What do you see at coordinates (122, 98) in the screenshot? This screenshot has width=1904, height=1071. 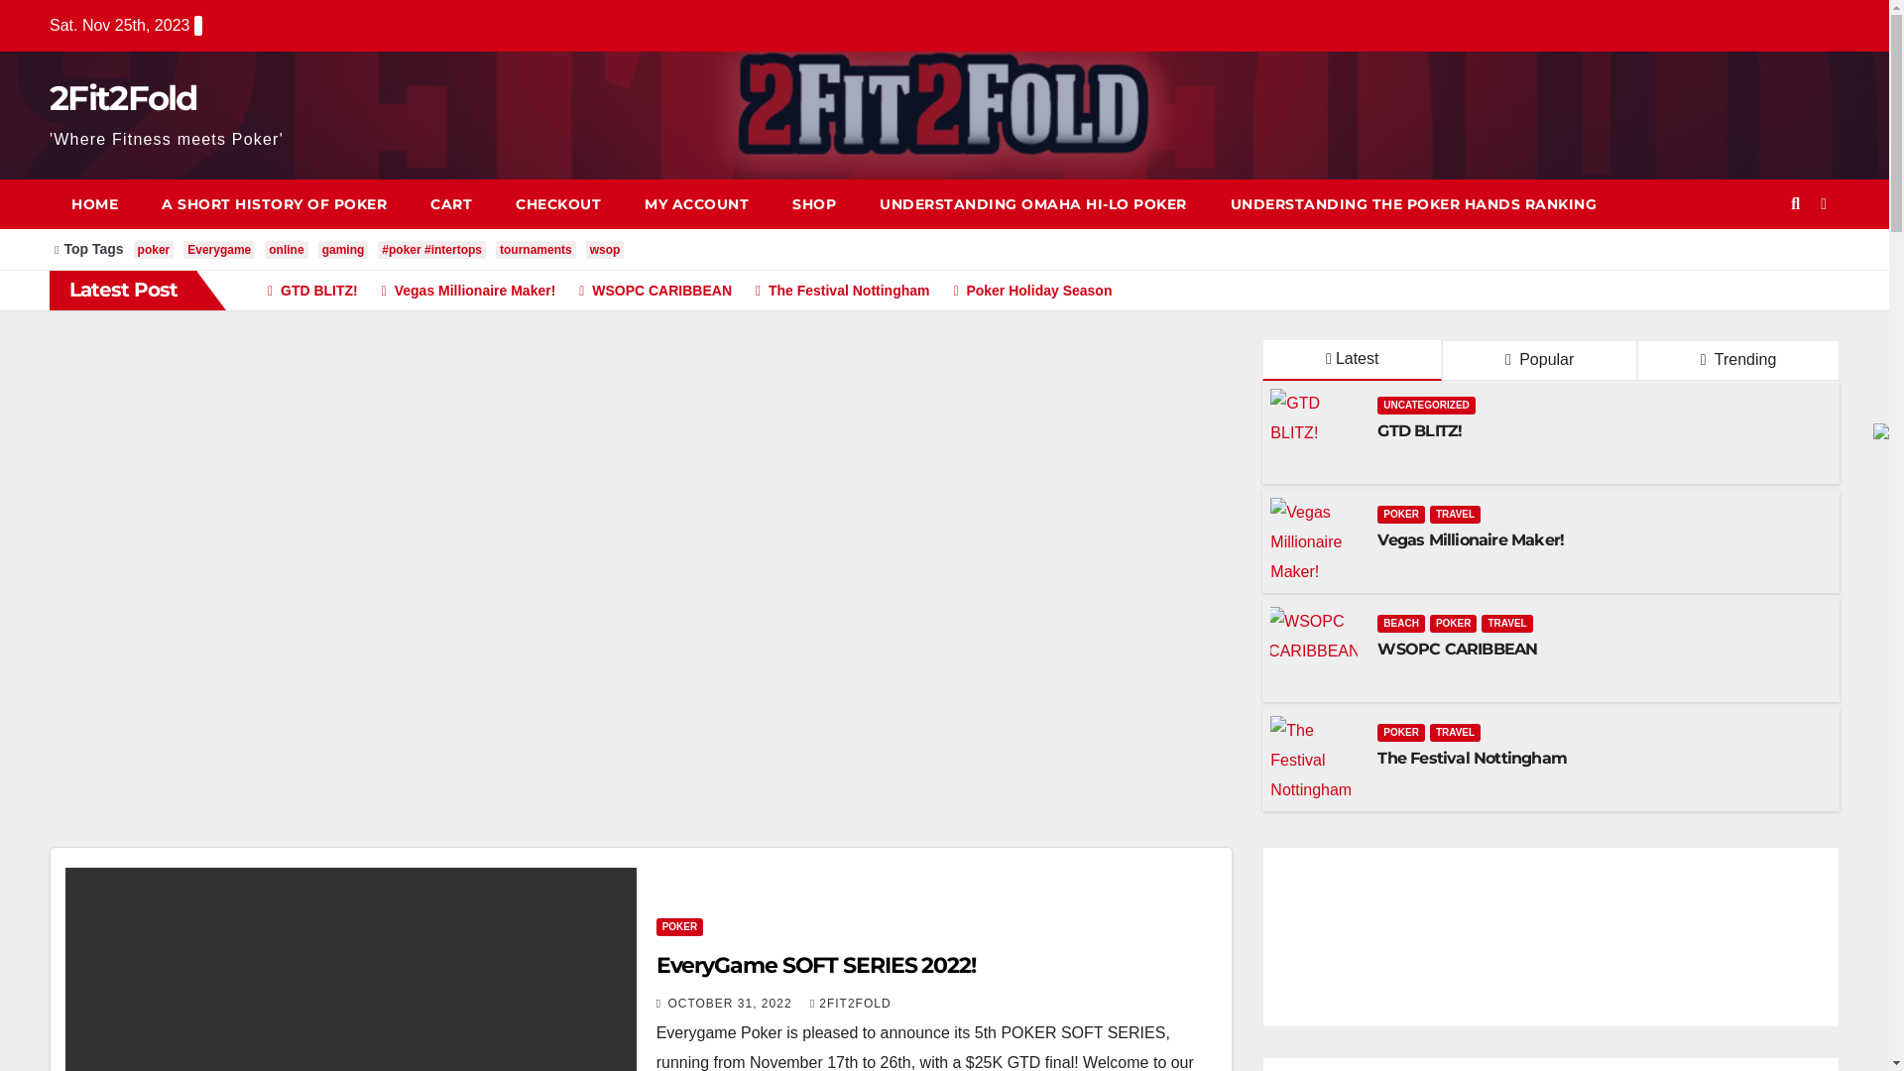 I see `'2Fit2Fold'` at bounding box center [122, 98].